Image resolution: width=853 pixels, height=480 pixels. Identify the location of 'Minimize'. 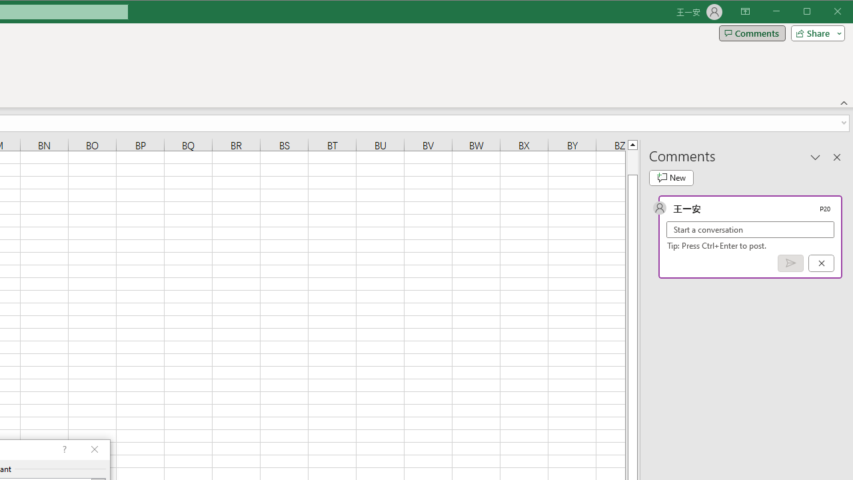
(810, 13).